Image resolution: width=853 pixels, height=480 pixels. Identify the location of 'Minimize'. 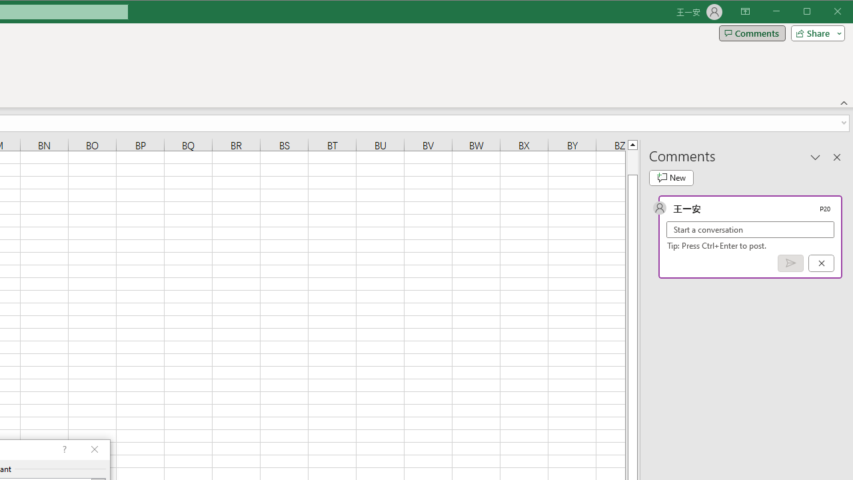
(810, 13).